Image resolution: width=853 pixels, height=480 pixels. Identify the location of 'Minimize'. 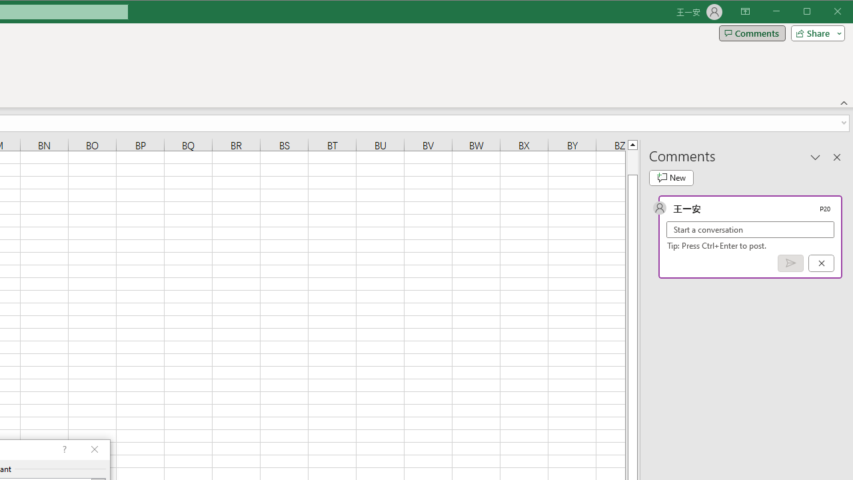
(810, 13).